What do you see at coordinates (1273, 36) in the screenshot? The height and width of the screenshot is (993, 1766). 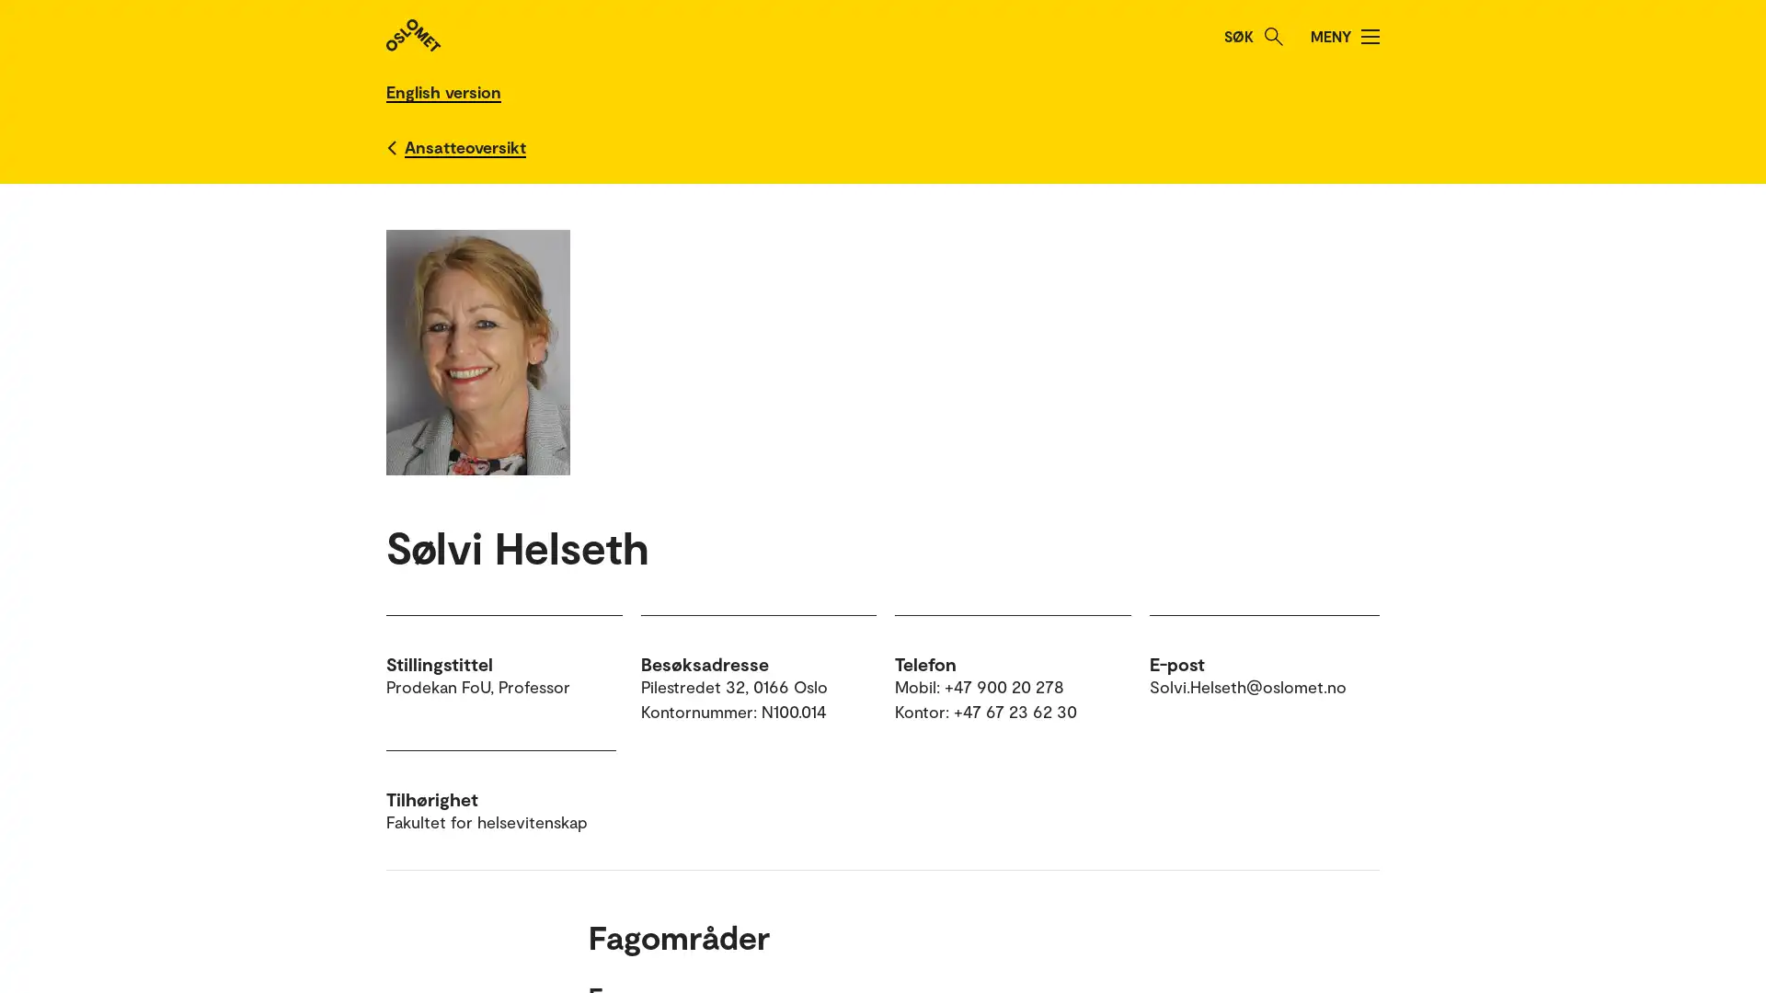 I see `Sk` at bounding box center [1273, 36].